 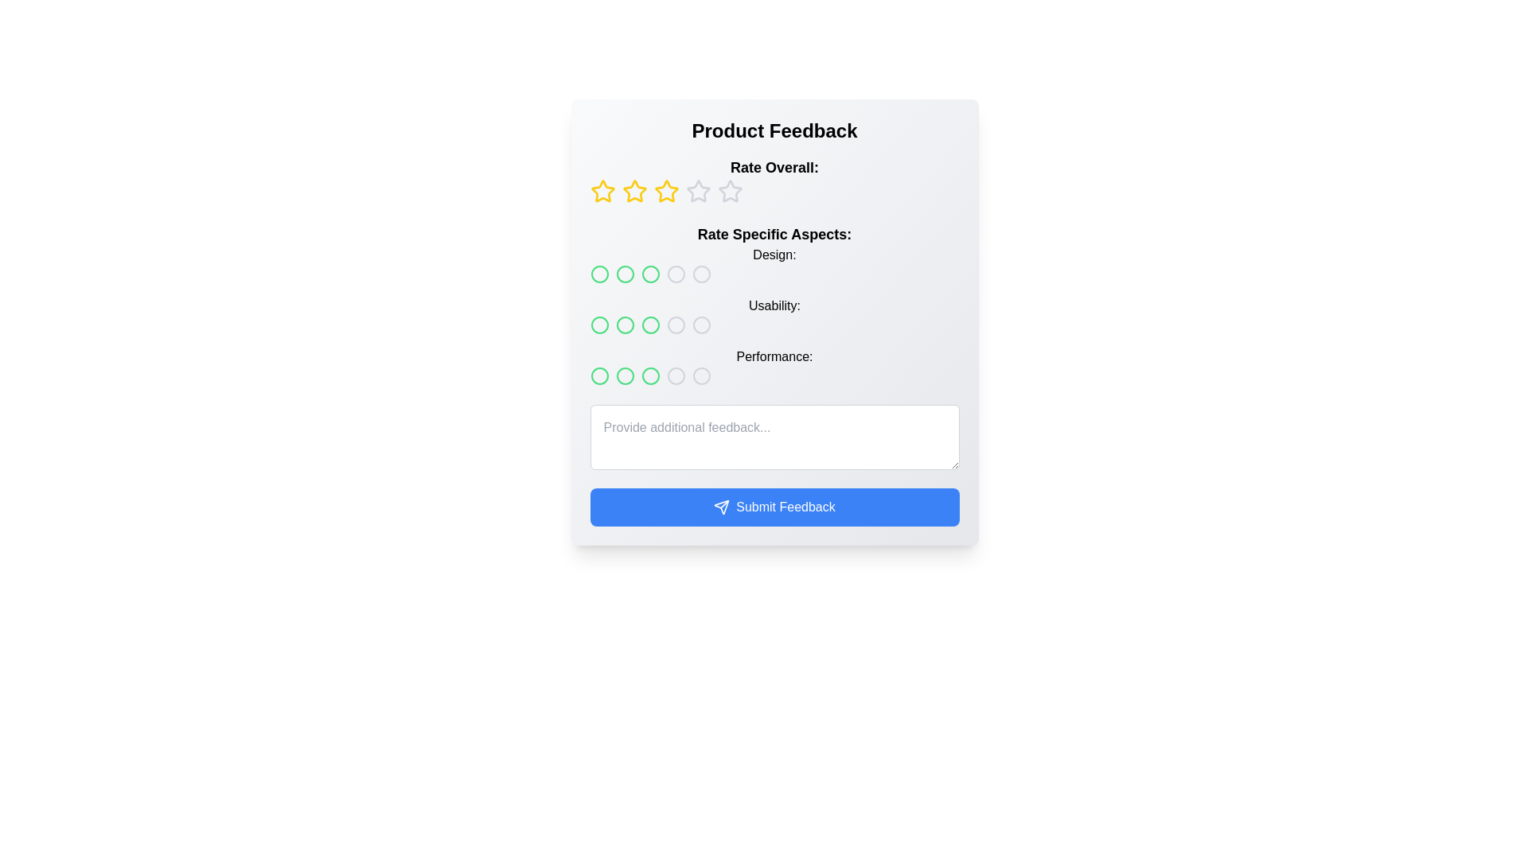 What do you see at coordinates (624, 376) in the screenshot?
I see `the third circular icon button in the bottommost rating row labeled 'Rate Specific Aspects: Performance'` at bounding box center [624, 376].